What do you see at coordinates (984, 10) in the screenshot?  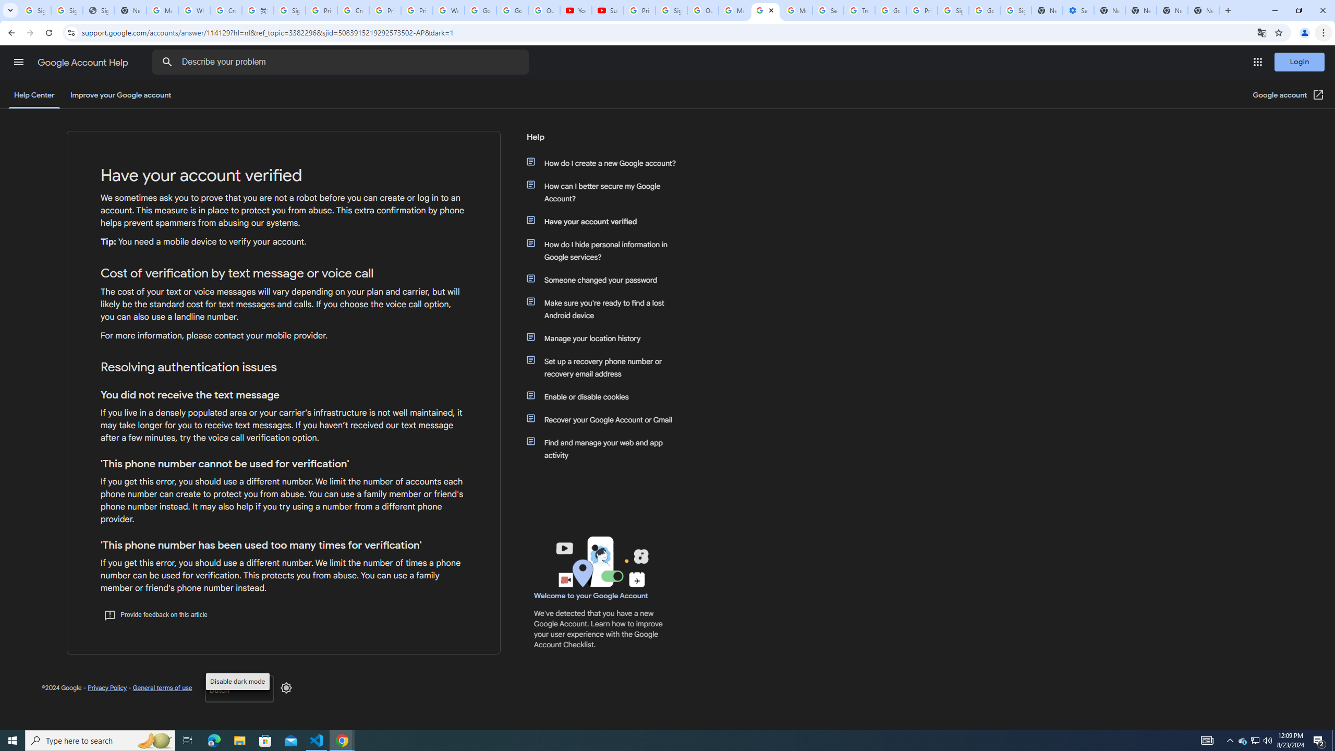 I see `'Google Cybersecurity Innovations - Google Safety Center'` at bounding box center [984, 10].